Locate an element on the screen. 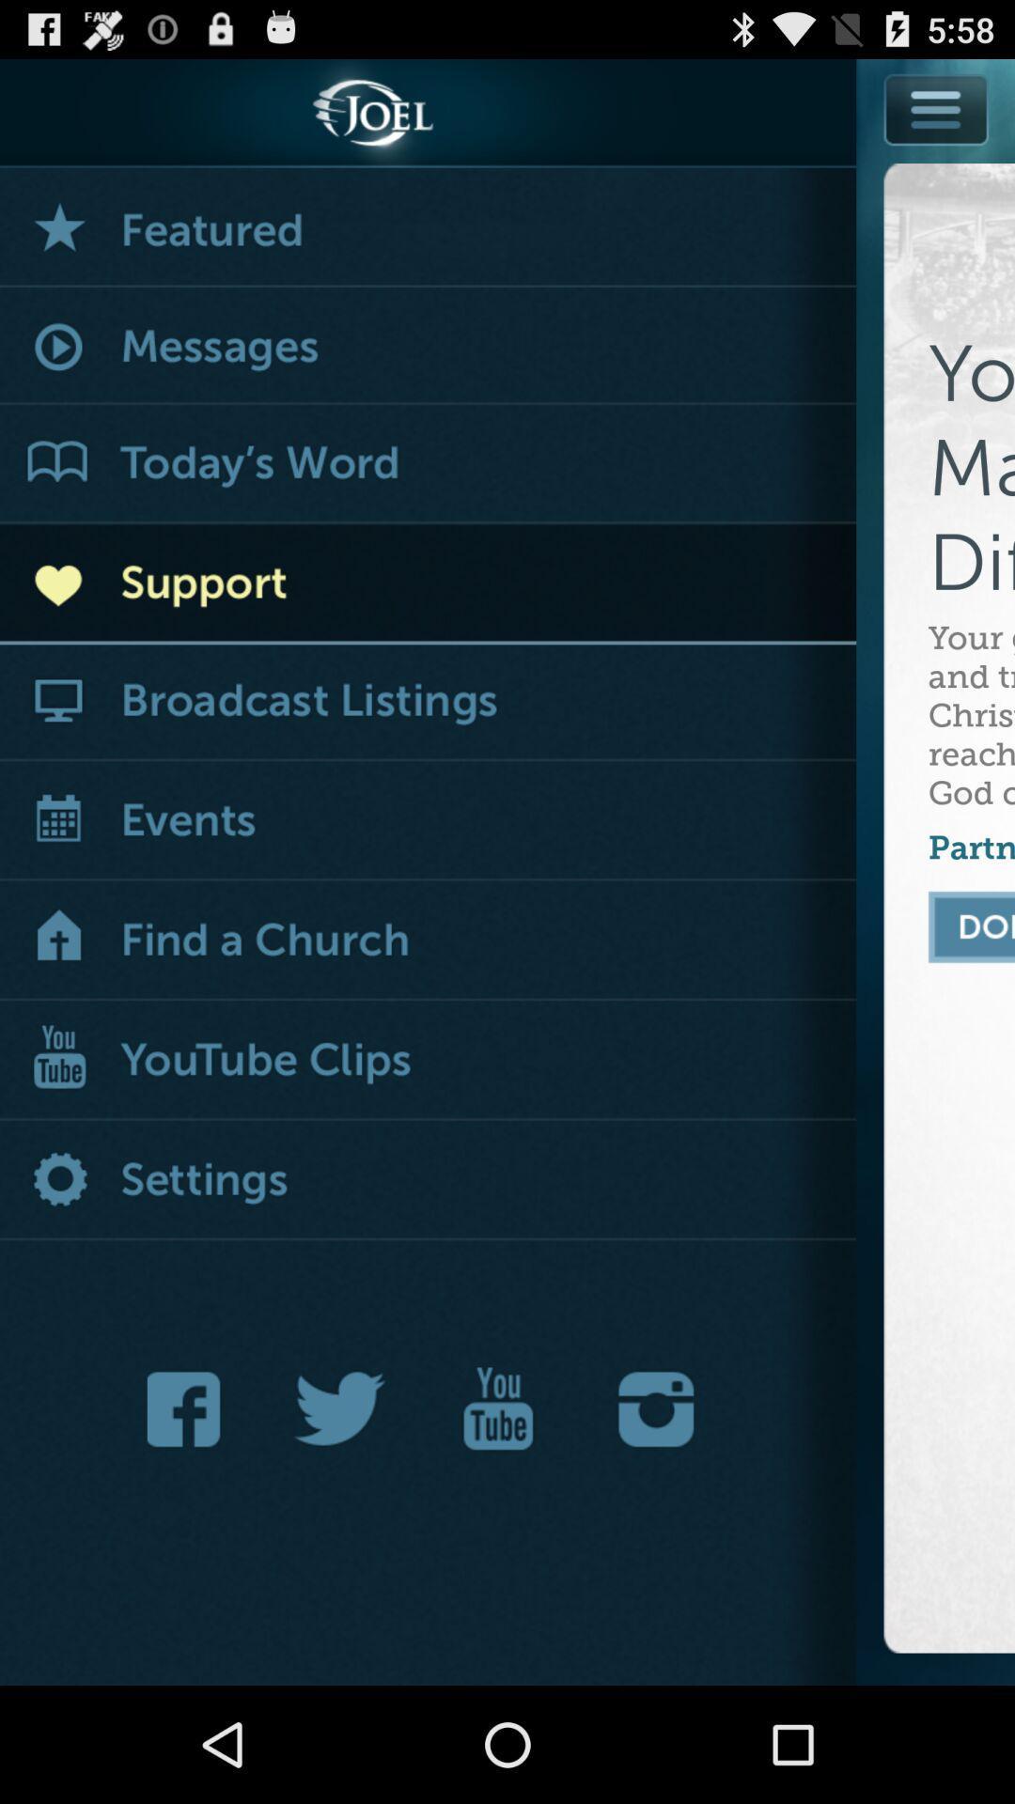  setting is located at coordinates (428, 1180).